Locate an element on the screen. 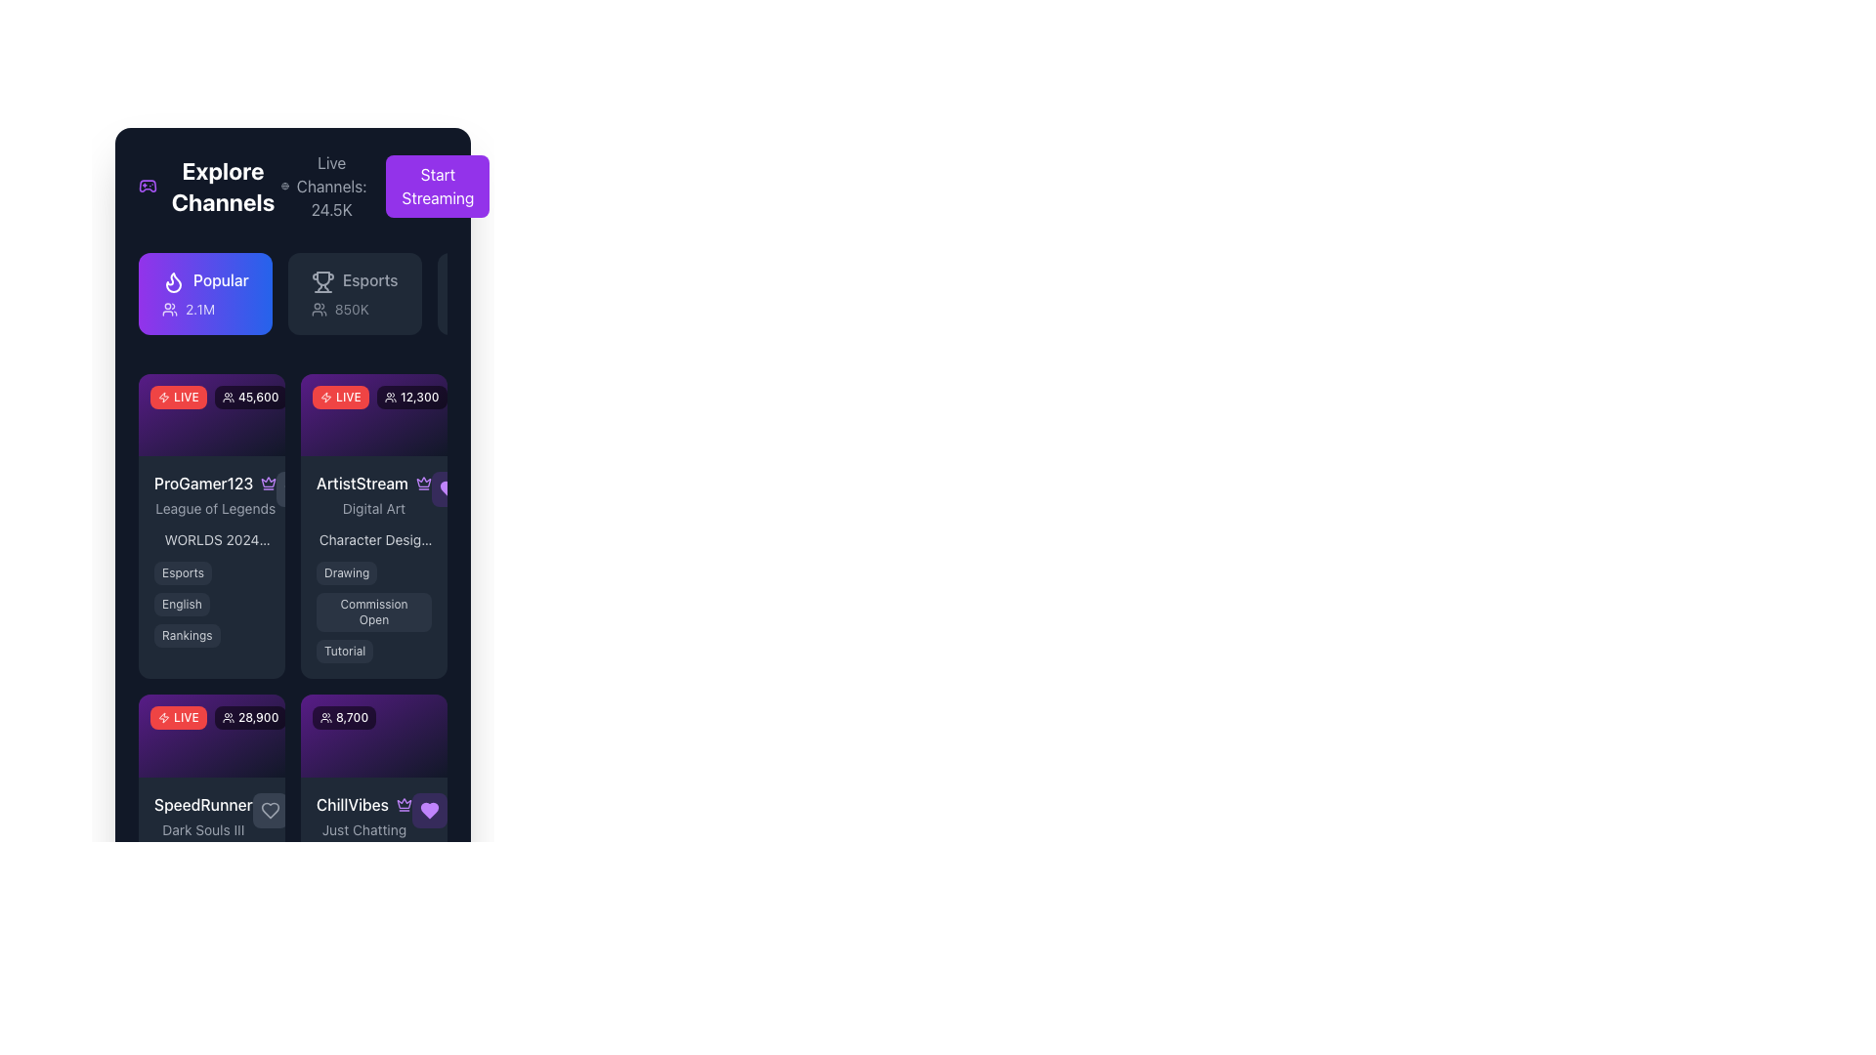 The height and width of the screenshot is (1055, 1876). the 'Drawing' label located at the top of the labels group within the 'ArtistStream' card in the 'Explore Channels' section is located at coordinates (347, 572).